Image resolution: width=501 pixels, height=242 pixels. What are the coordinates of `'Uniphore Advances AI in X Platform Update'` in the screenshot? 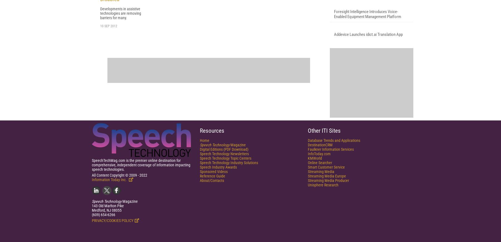 It's located at (369, 42).